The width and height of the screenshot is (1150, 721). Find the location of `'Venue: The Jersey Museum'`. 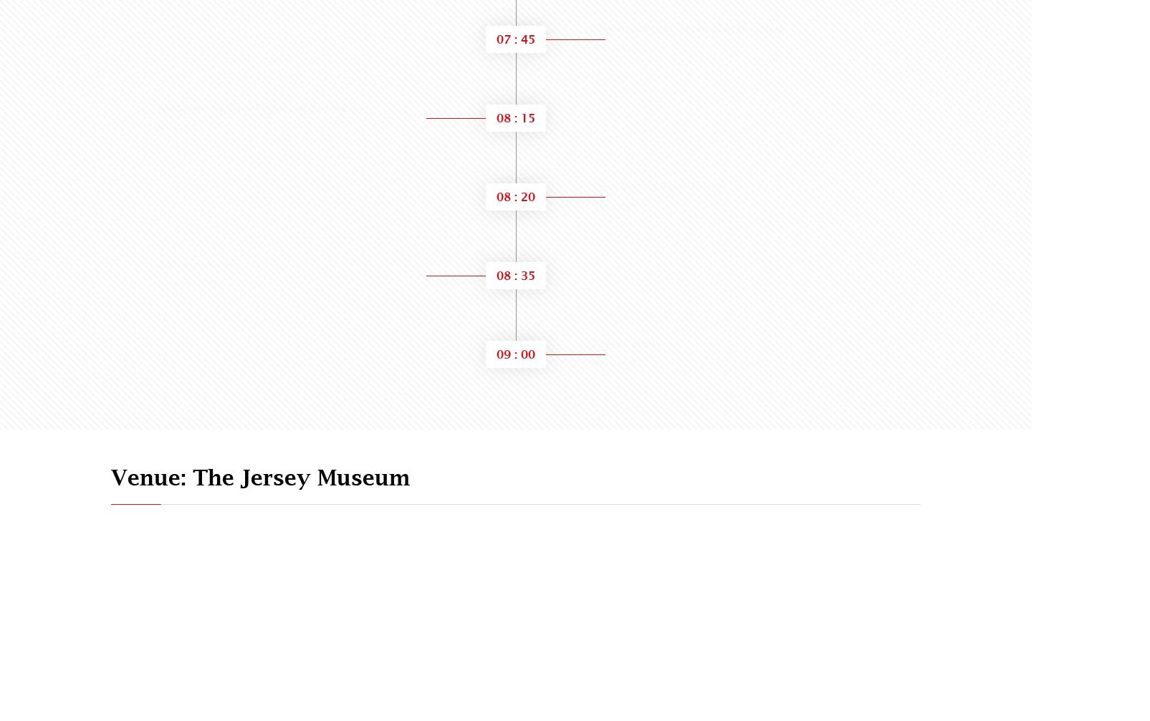

'Venue: The Jersey Museum' is located at coordinates (111, 476).